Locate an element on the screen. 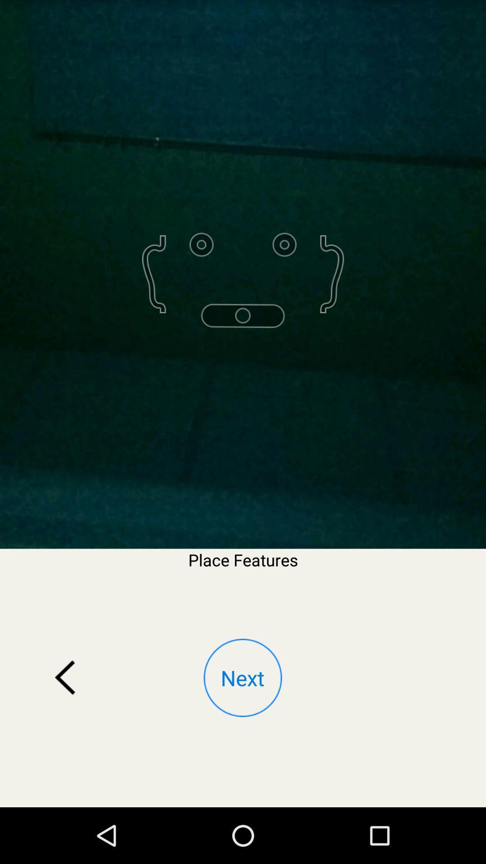 The width and height of the screenshot is (486, 864). icon at the bottom left corner is located at coordinates (65, 678).